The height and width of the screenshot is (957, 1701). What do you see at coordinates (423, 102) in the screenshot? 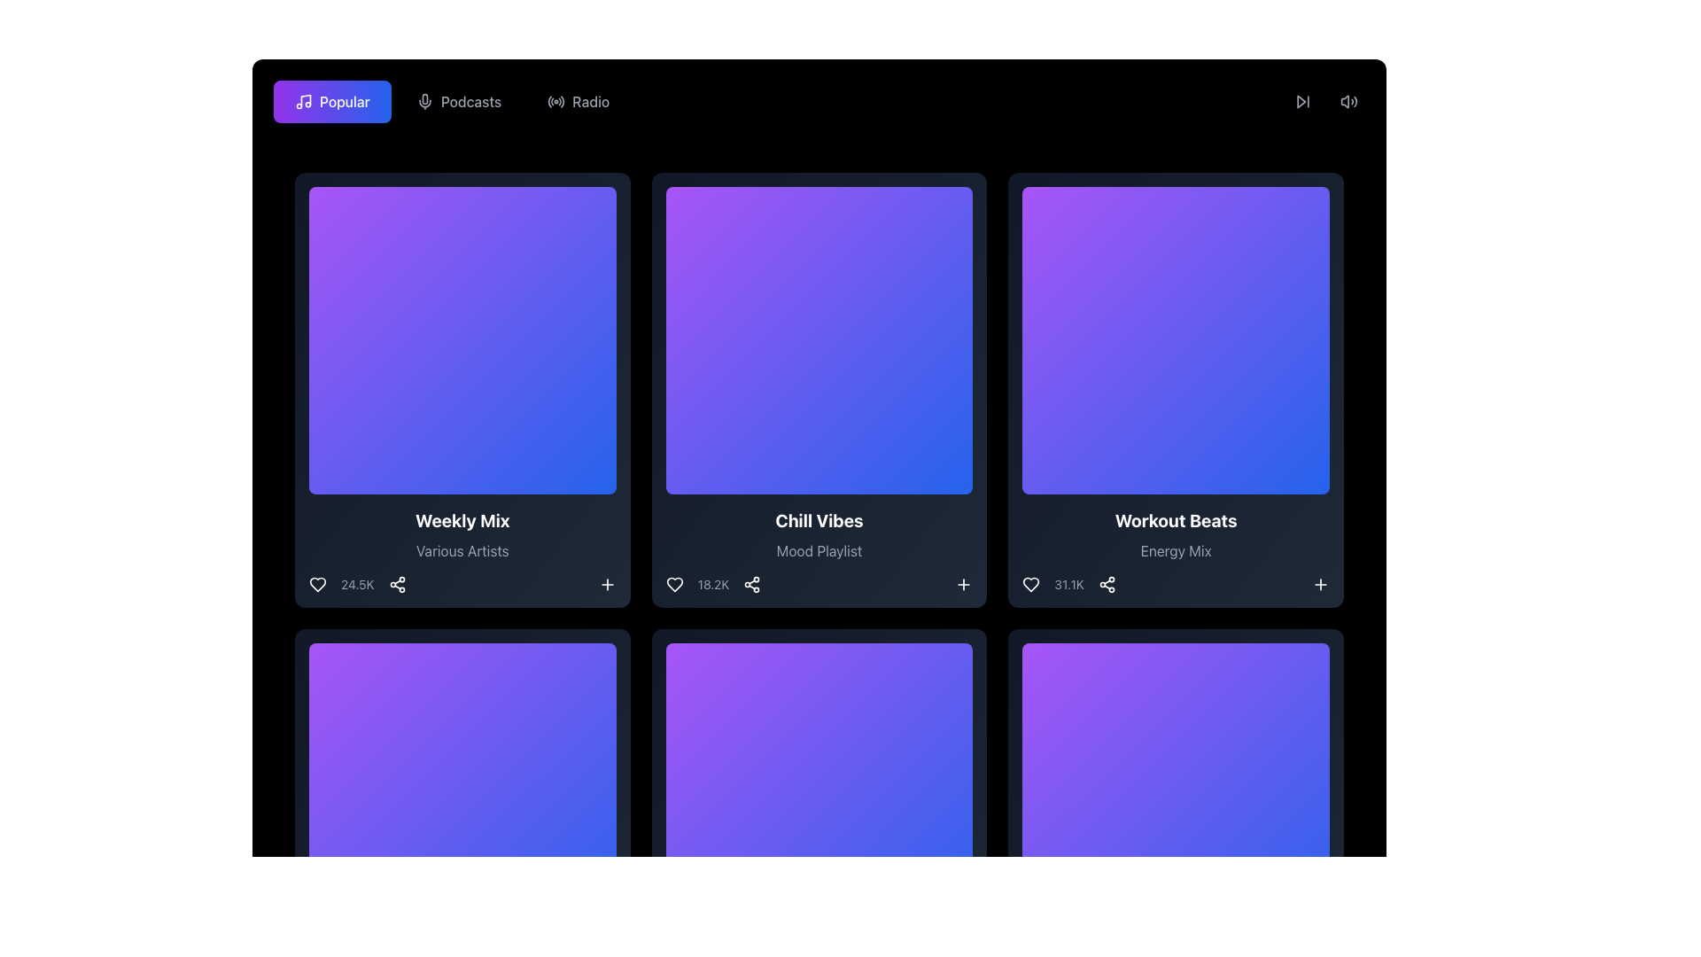
I see `the microphone icon representing the 'Podcasts' section in the navigation menu, which is located to the left of the 'Podcasts' text` at bounding box center [423, 102].